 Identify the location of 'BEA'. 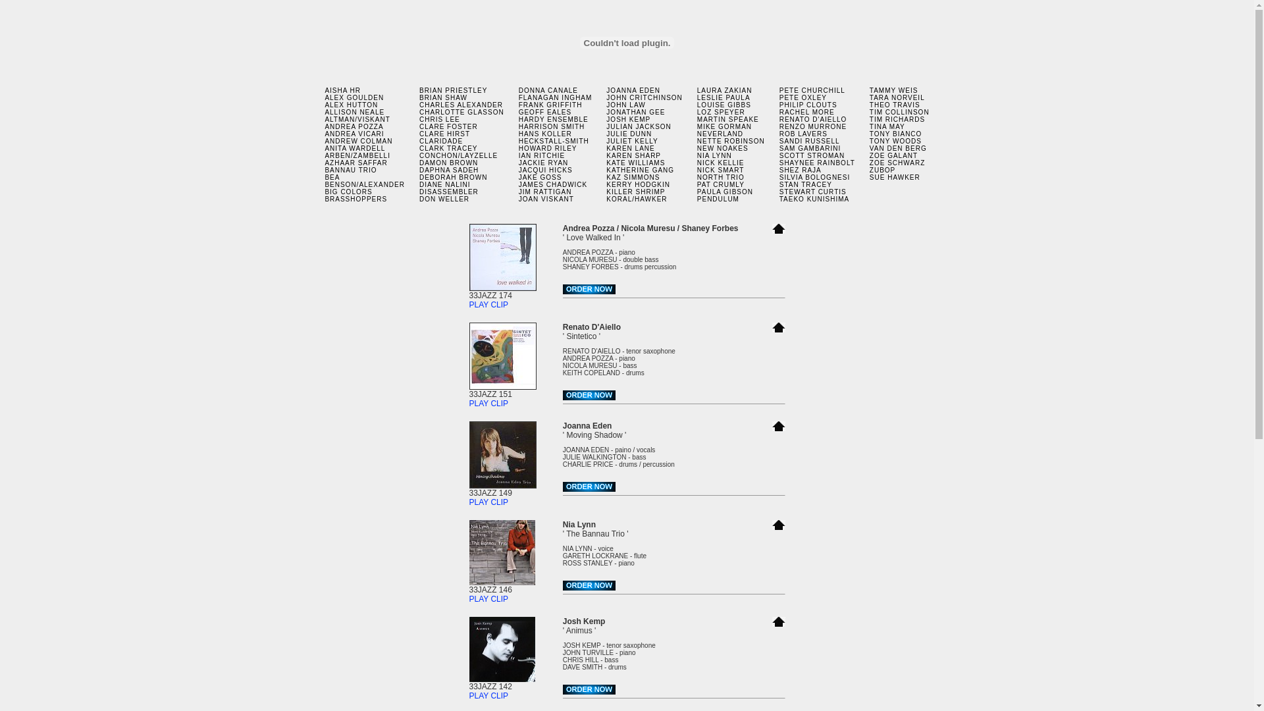
(332, 176).